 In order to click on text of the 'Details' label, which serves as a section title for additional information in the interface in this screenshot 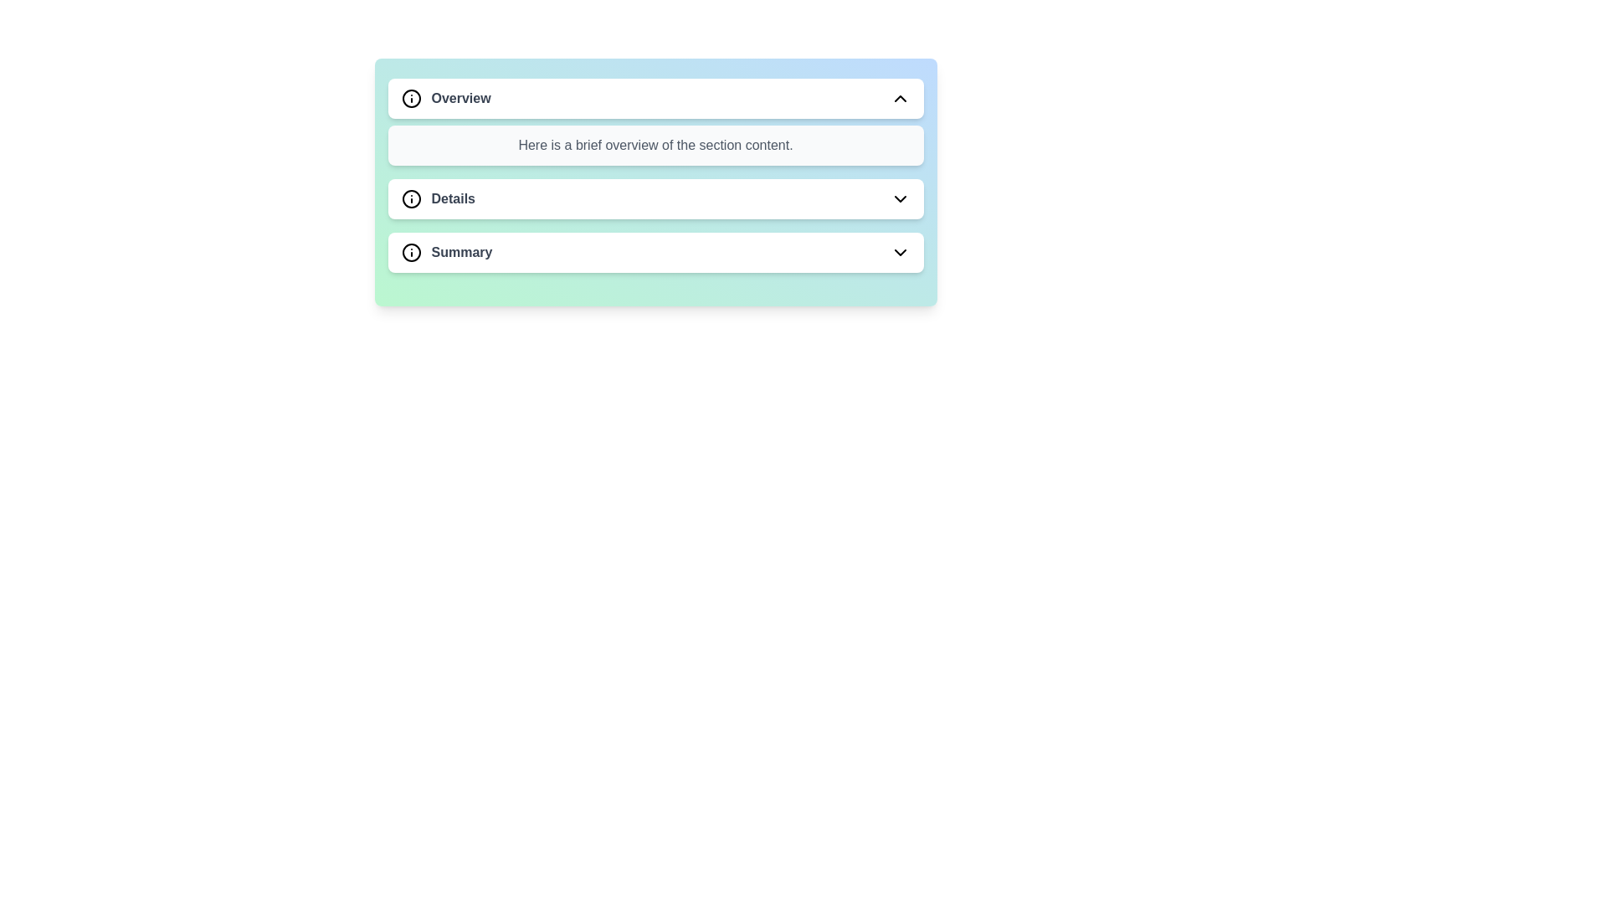, I will do `click(453, 198)`.